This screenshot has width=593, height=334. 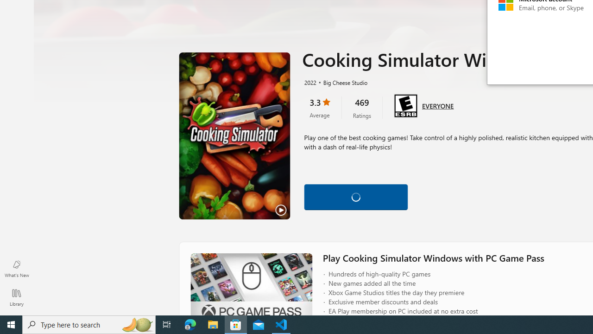 I want to click on 'File Explorer', so click(x=213, y=324).